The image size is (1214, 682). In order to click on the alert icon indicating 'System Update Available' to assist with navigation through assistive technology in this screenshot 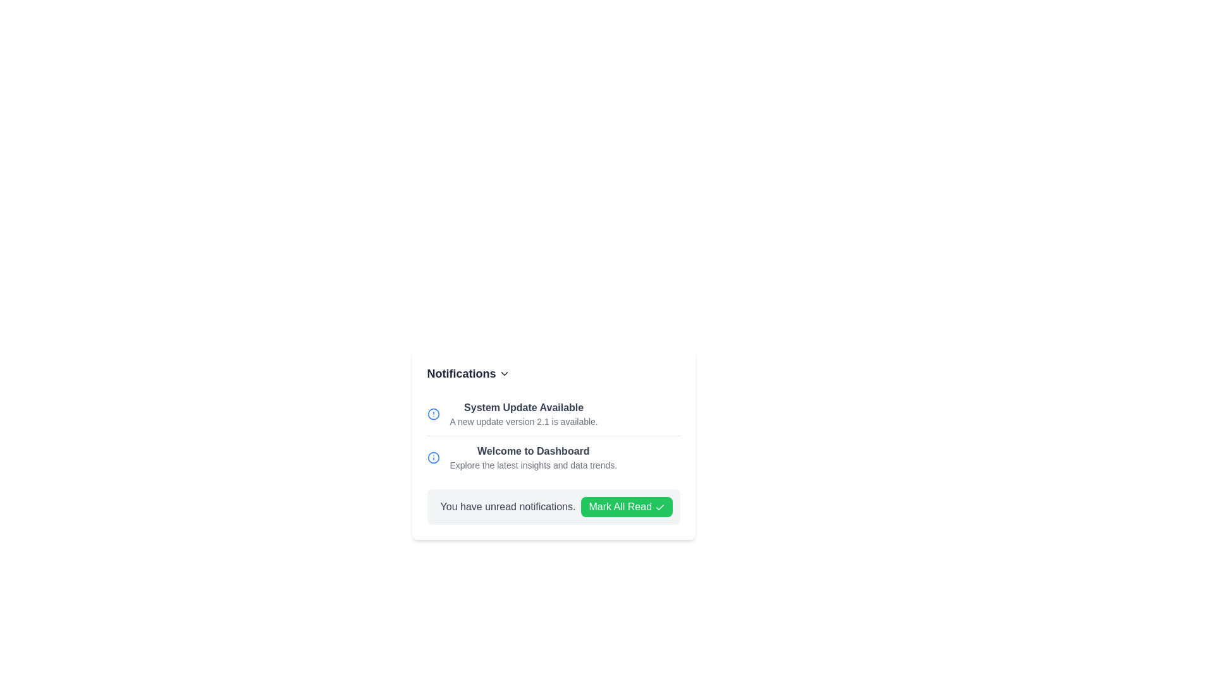, I will do `click(433, 414)`.